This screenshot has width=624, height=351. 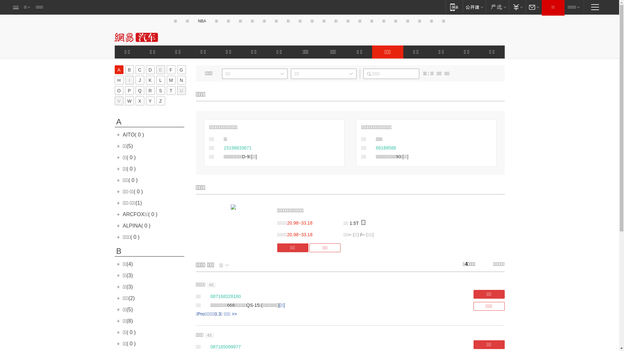 What do you see at coordinates (149, 90) in the screenshot?
I see `'R'` at bounding box center [149, 90].